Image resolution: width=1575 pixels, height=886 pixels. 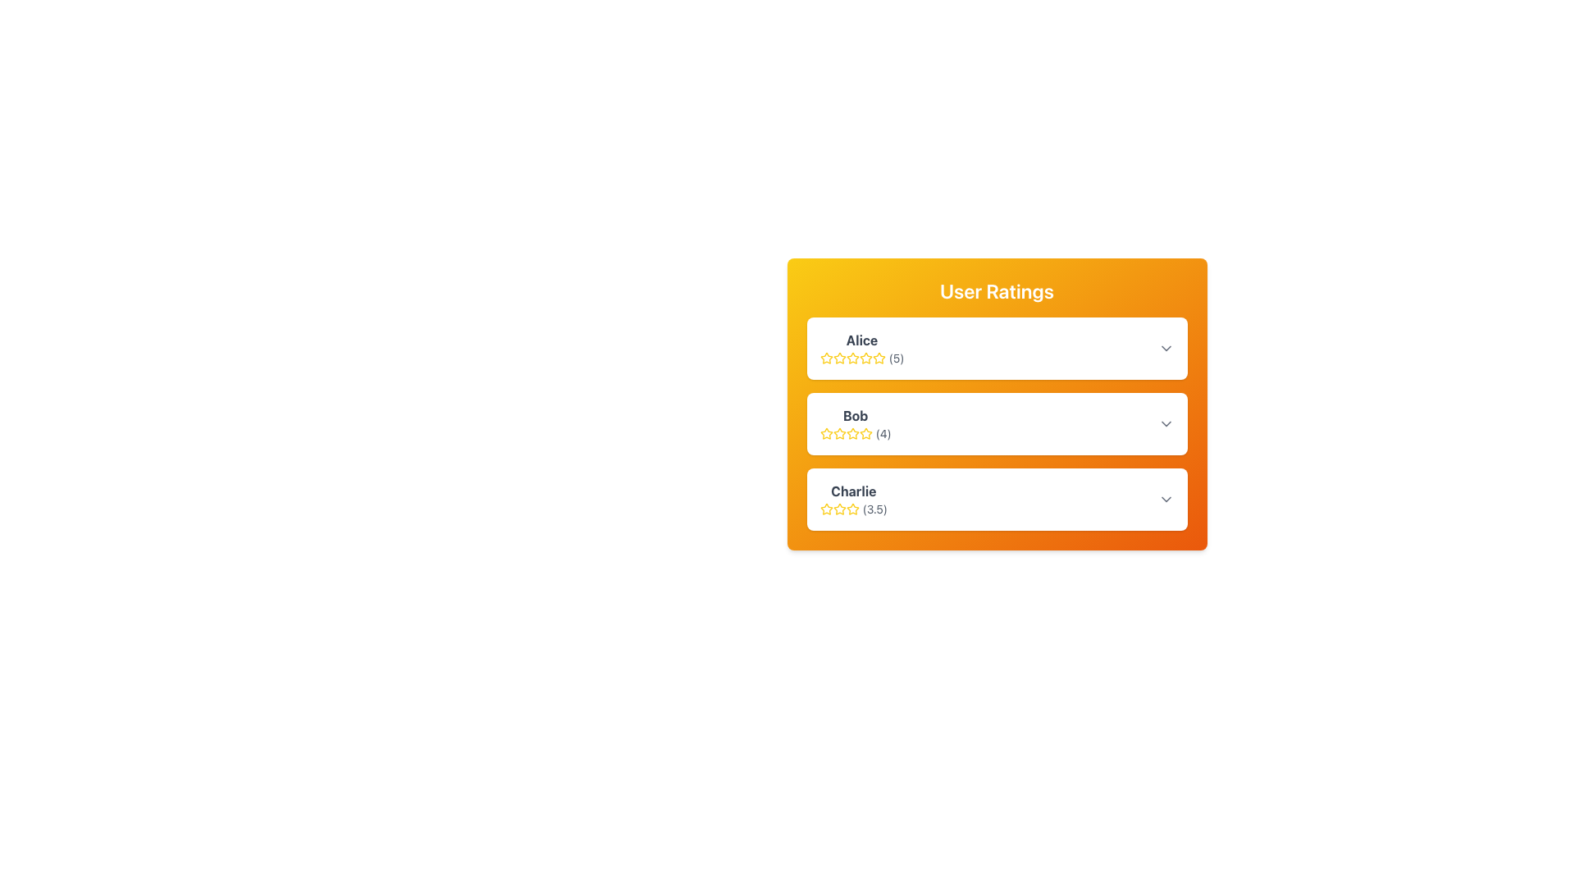 I want to click on numeric rating text label displaying '5' in gray font, located adjacent to five yellow stars, as part of the 'User Ratings' component for 'Alice', so click(x=896, y=357).